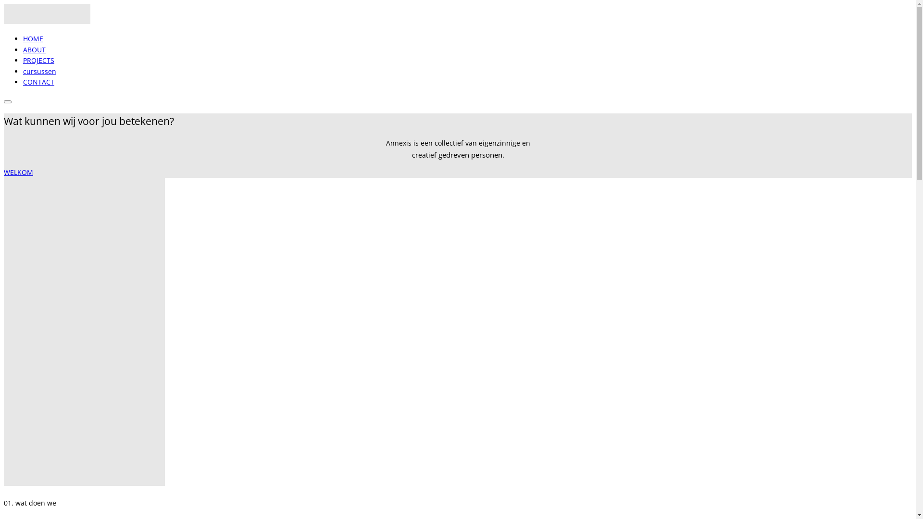 The width and height of the screenshot is (923, 519). What do you see at coordinates (39, 71) in the screenshot?
I see `'cursussen'` at bounding box center [39, 71].